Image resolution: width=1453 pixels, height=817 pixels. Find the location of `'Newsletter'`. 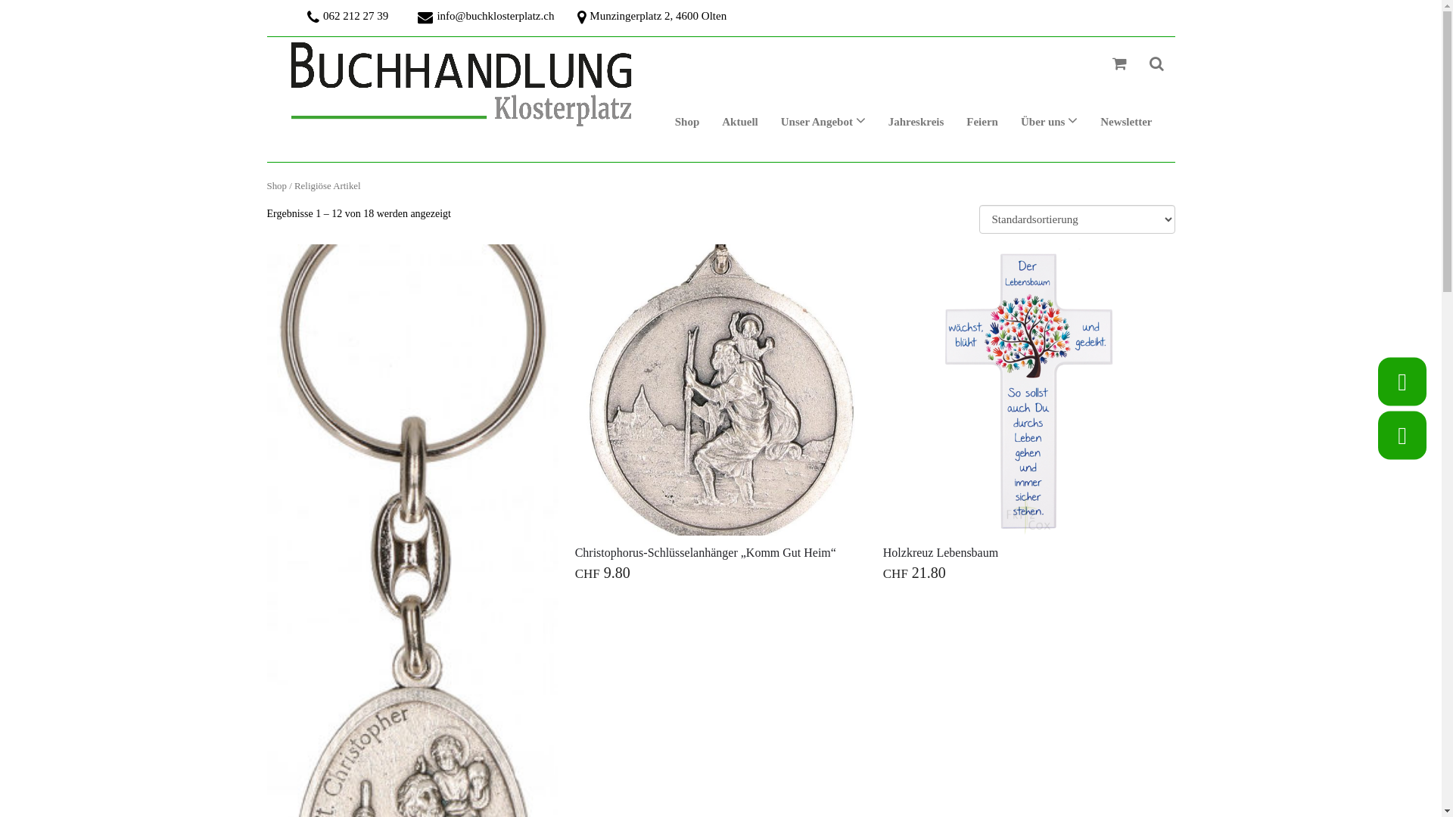

'Newsletter' is located at coordinates (1088, 121).